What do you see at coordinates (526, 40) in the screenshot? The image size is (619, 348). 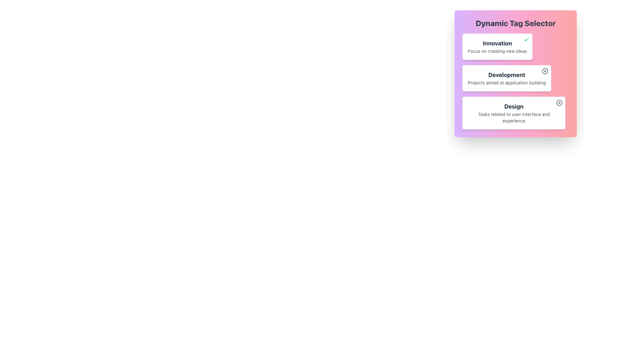 I see `the checkmark icon located in the top-right corner of the box containing the text 'Innovation' to indicate selection or confirmation` at bounding box center [526, 40].